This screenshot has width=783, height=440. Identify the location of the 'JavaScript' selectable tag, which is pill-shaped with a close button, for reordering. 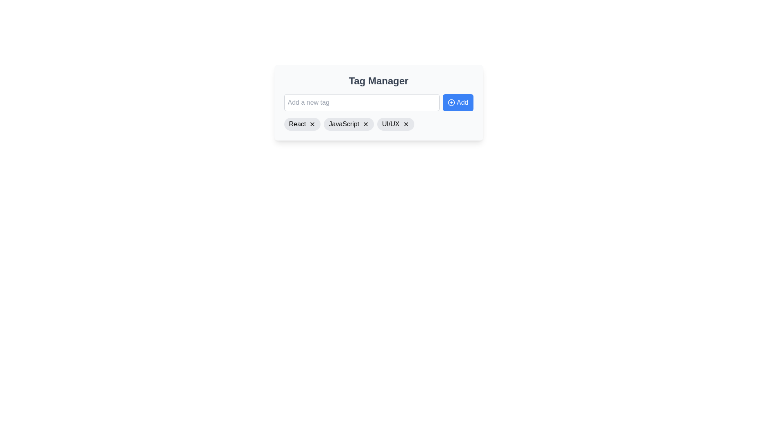
(349, 124).